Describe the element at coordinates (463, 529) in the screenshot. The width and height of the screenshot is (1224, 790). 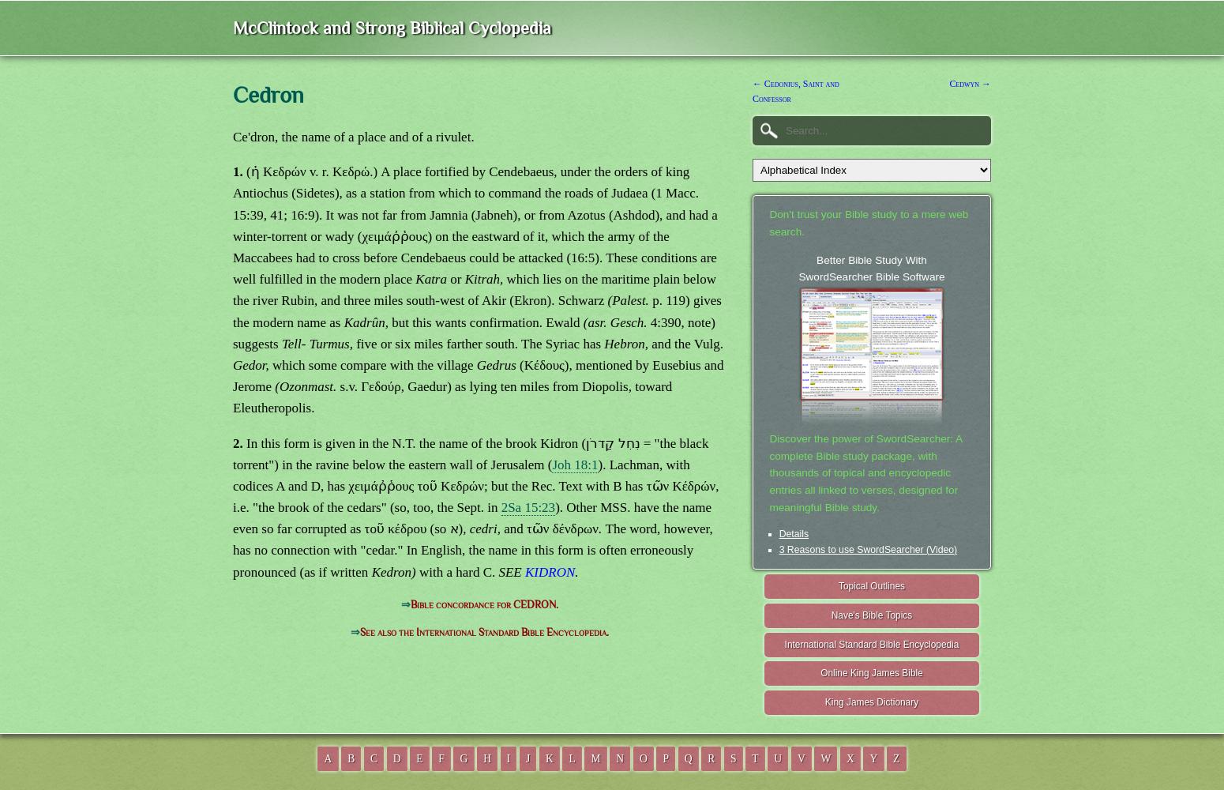
I see `', cedri,'` at that location.